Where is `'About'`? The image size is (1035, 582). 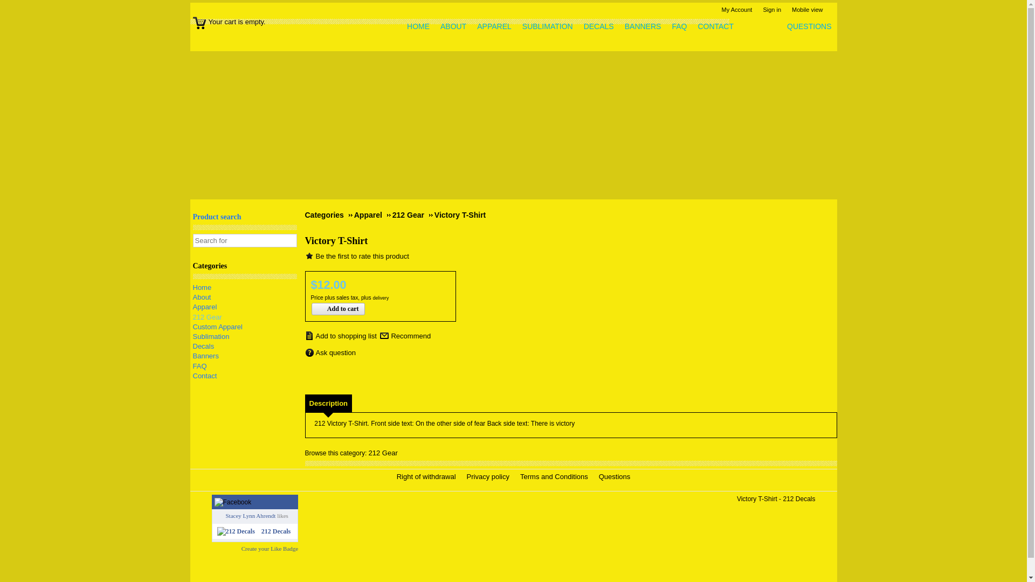 'About' is located at coordinates (202, 297).